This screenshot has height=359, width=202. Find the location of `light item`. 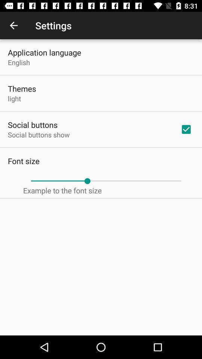

light item is located at coordinates (14, 98).